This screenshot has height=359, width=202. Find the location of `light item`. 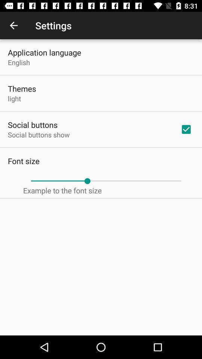

light item is located at coordinates (14, 98).